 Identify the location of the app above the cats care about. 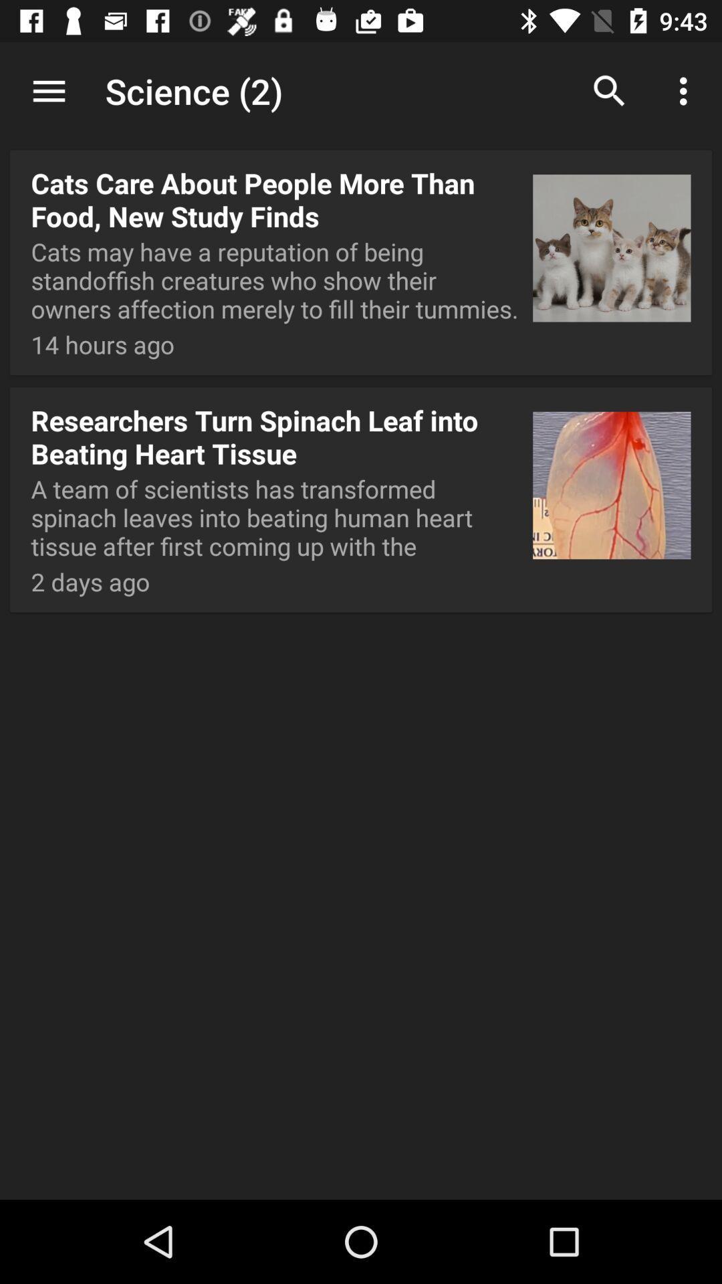
(361, 92).